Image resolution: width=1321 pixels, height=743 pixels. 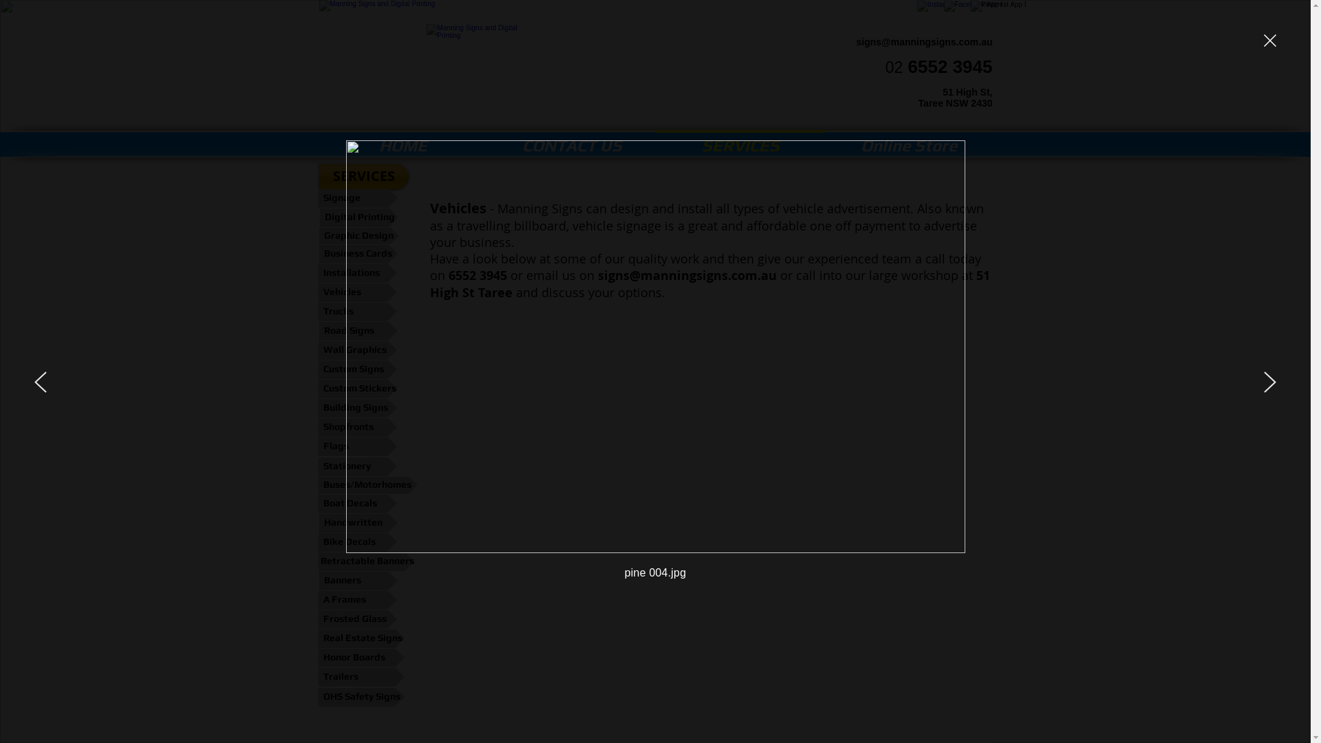 I want to click on 'Real Estate Signs', so click(x=316, y=638).